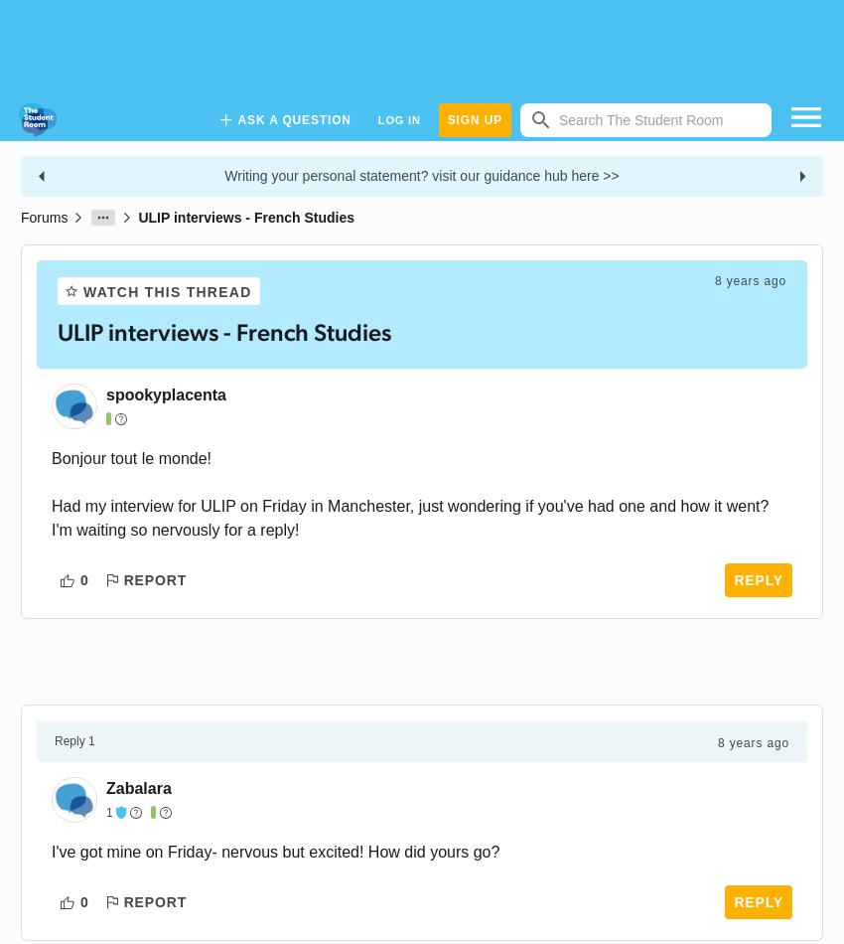 Image resolution: width=844 pixels, height=944 pixels. What do you see at coordinates (292, 118) in the screenshot?
I see `'Ask a question'` at bounding box center [292, 118].